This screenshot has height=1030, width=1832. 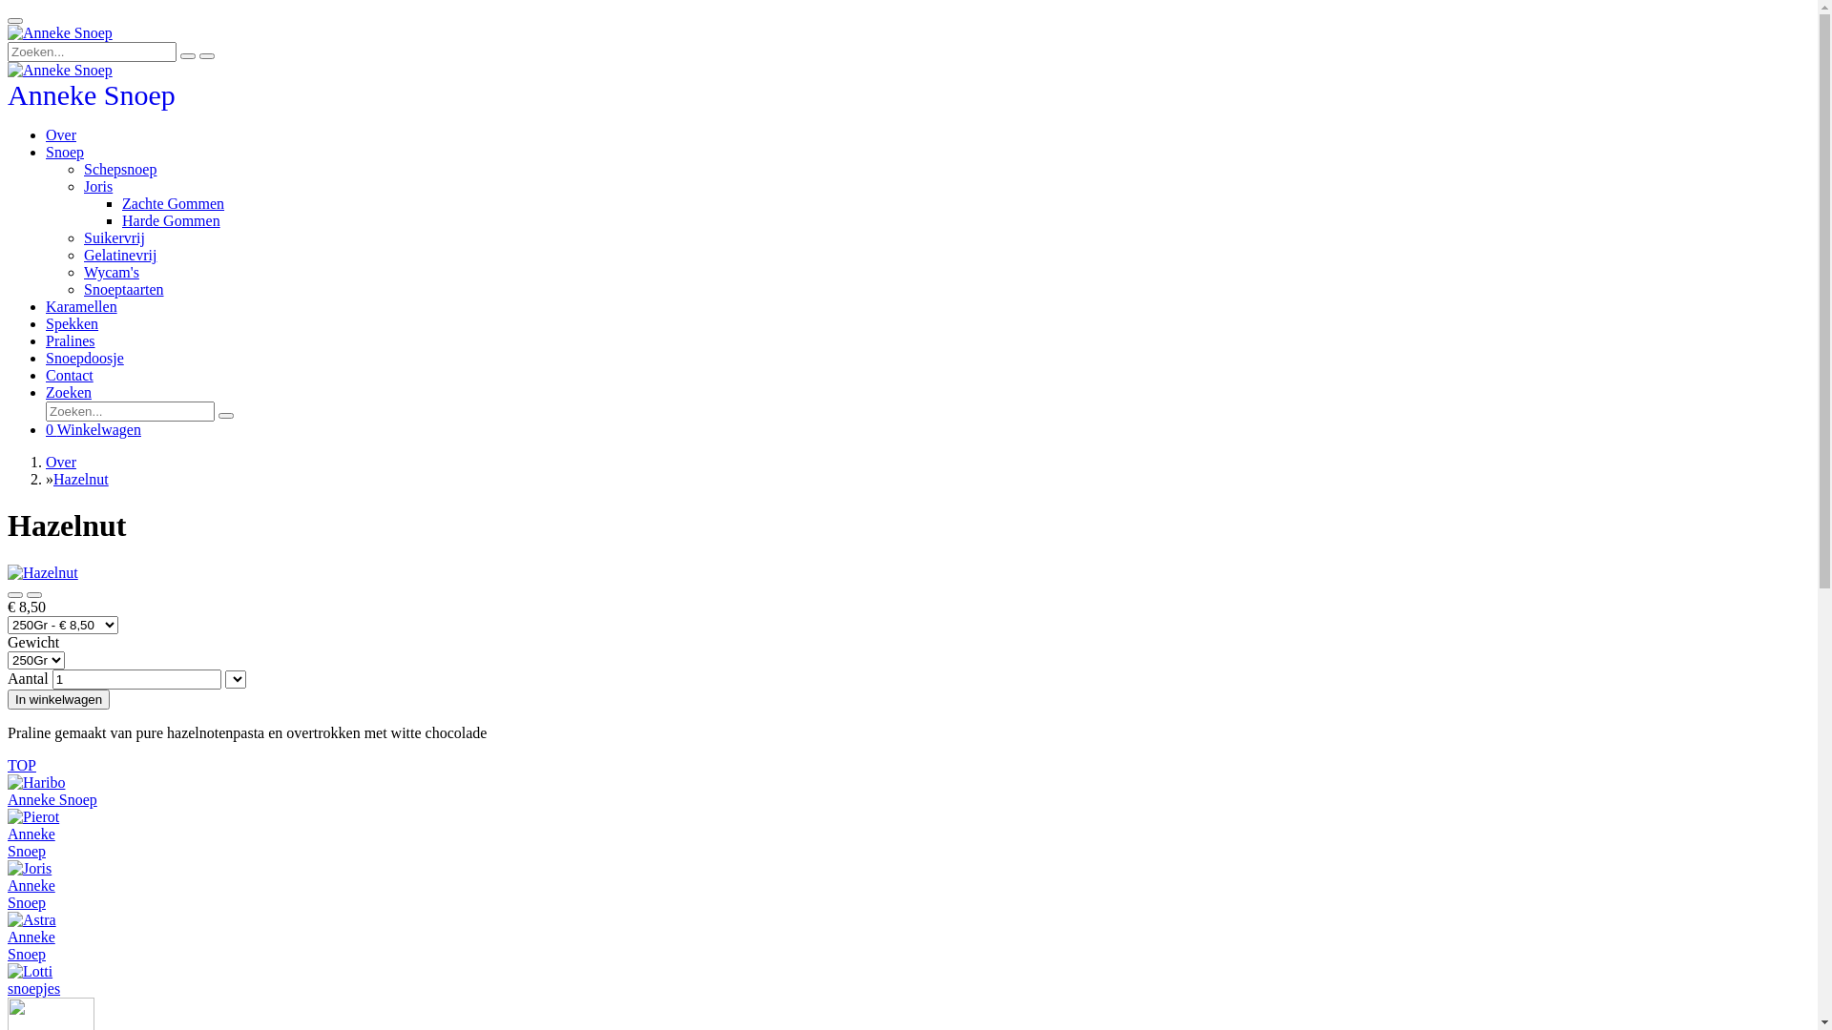 I want to click on 'Hazelnut', so click(x=80, y=478).